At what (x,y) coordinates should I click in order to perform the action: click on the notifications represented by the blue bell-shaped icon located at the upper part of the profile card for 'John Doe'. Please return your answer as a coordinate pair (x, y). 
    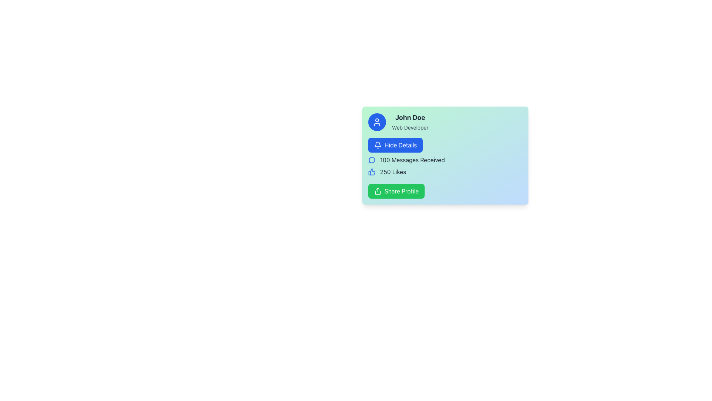
    Looking at the image, I should click on (378, 144).